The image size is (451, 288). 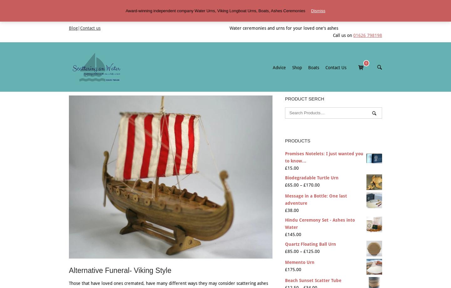 What do you see at coordinates (324, 76) in the screenshot?
I see `'About Us'` at bounding box center [324, 76].